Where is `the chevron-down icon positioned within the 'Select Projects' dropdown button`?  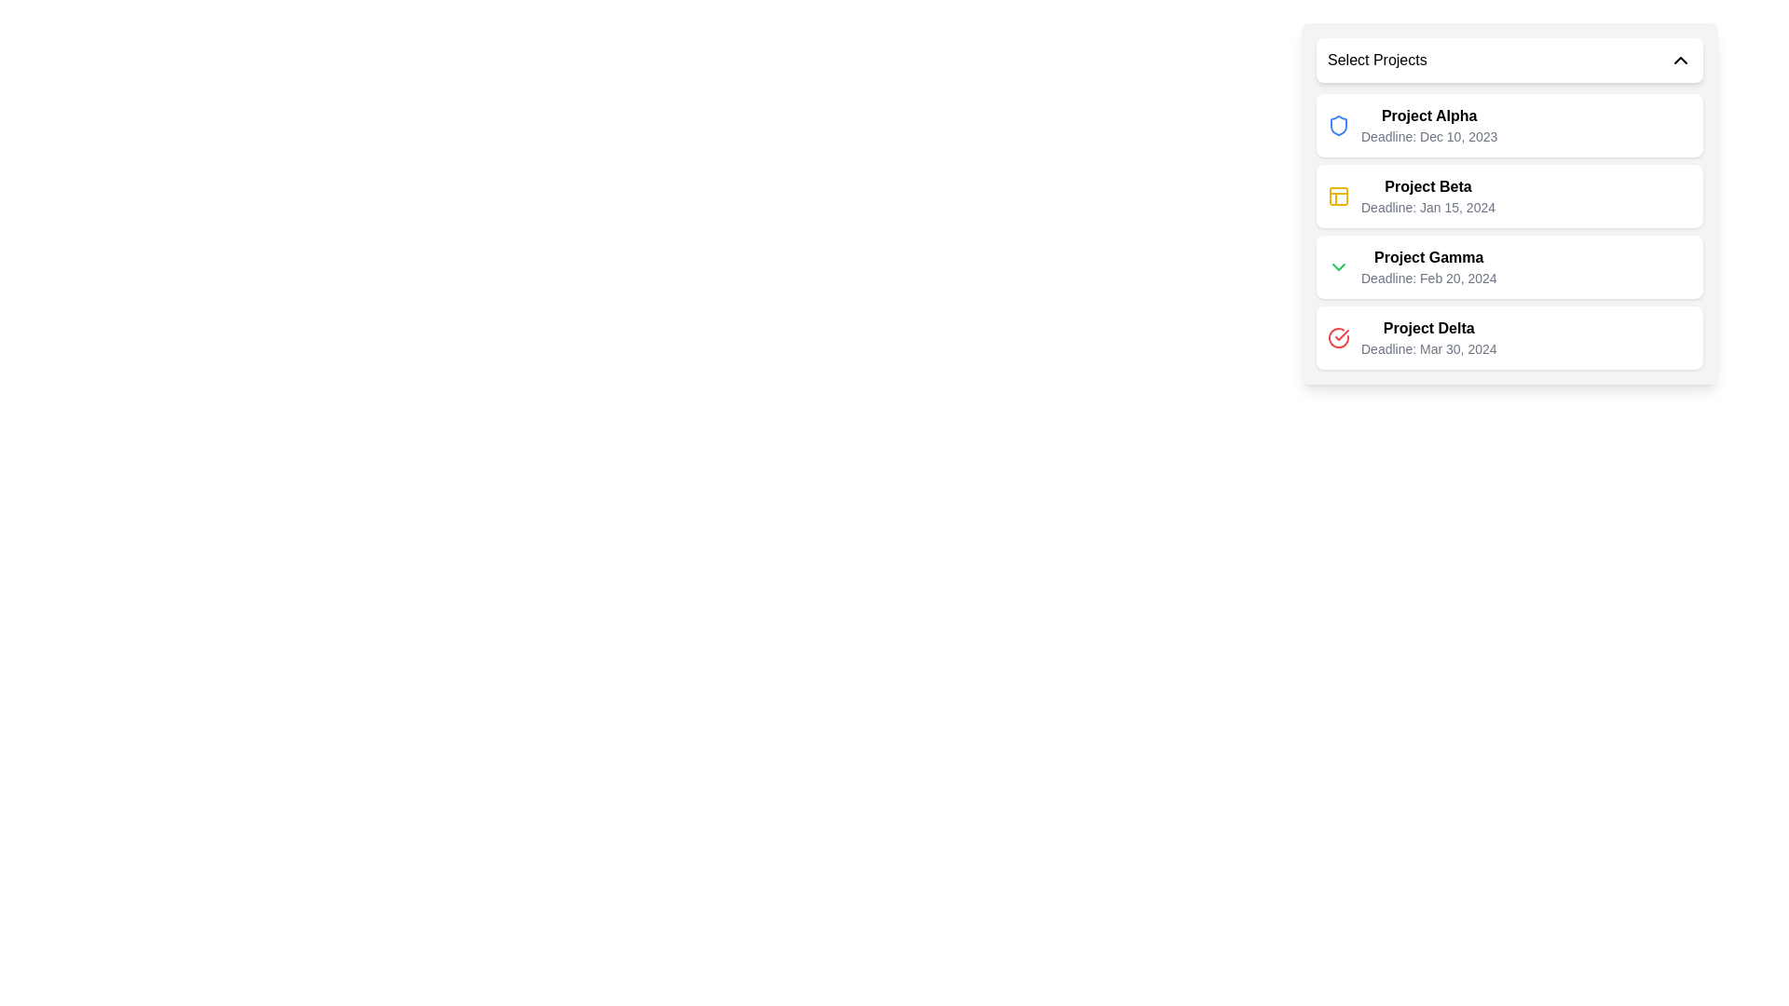
the chevron-down icon positioned within the 'Select Projects' dropdown button is located at coordinates (1681, 60).